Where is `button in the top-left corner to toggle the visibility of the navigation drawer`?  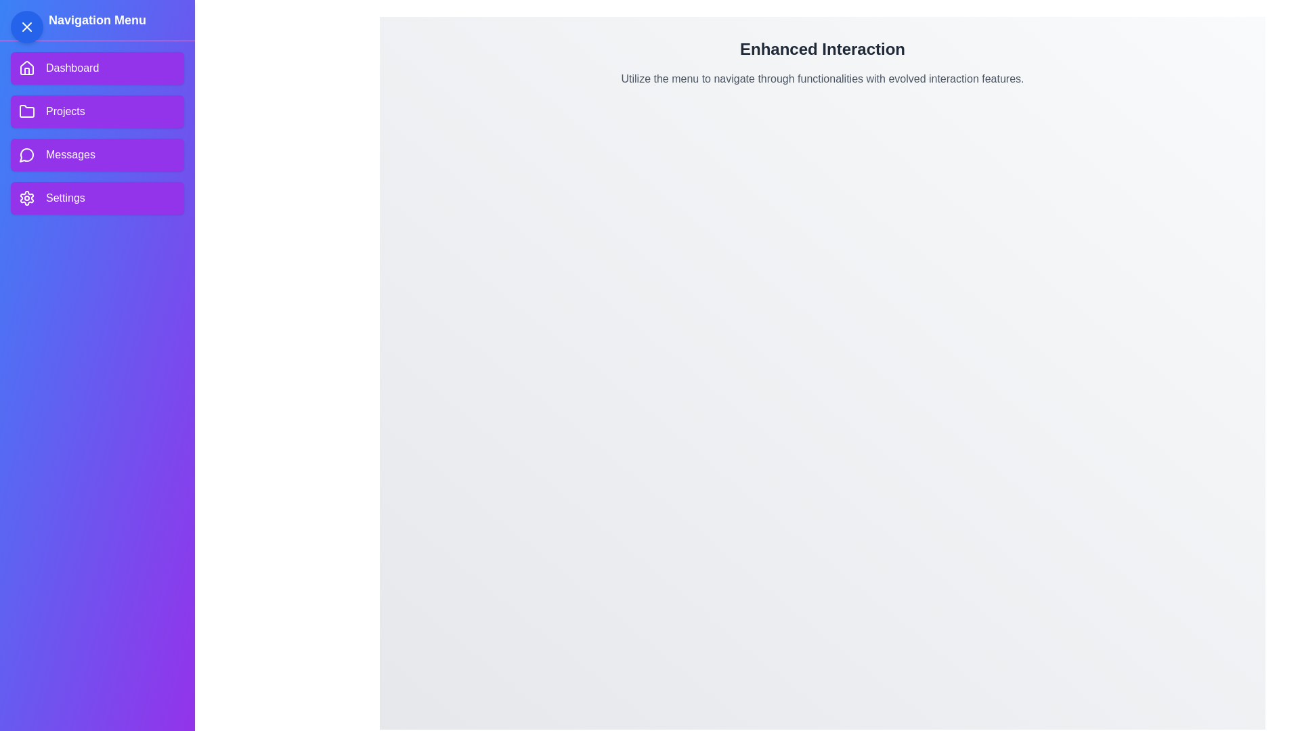 button in the top-left corner to toggle the visibility of the navigation drawer is located at coordinates (26, 26).